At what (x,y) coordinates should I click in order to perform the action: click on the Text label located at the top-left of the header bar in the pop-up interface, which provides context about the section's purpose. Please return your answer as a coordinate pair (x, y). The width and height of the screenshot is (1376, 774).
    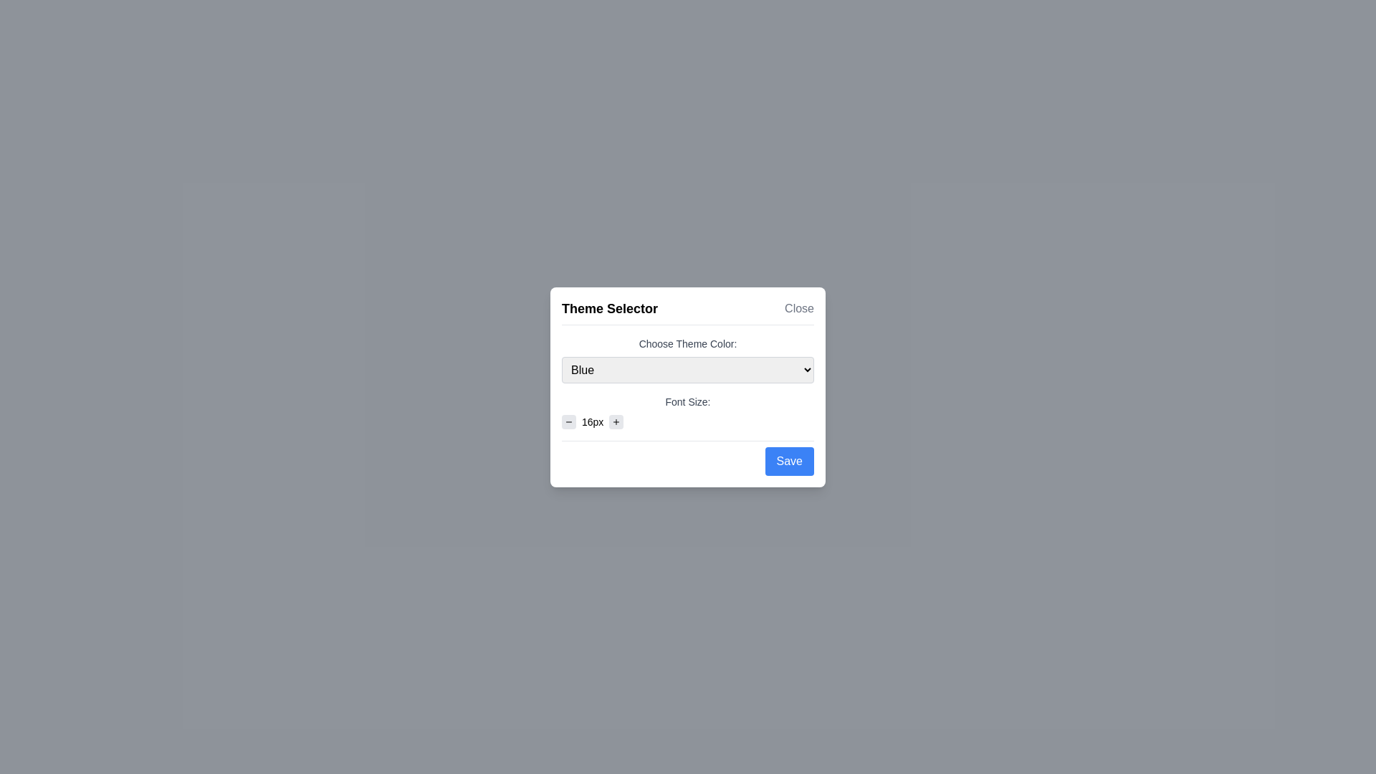
    Looking at the image, I should click on (609, 307).